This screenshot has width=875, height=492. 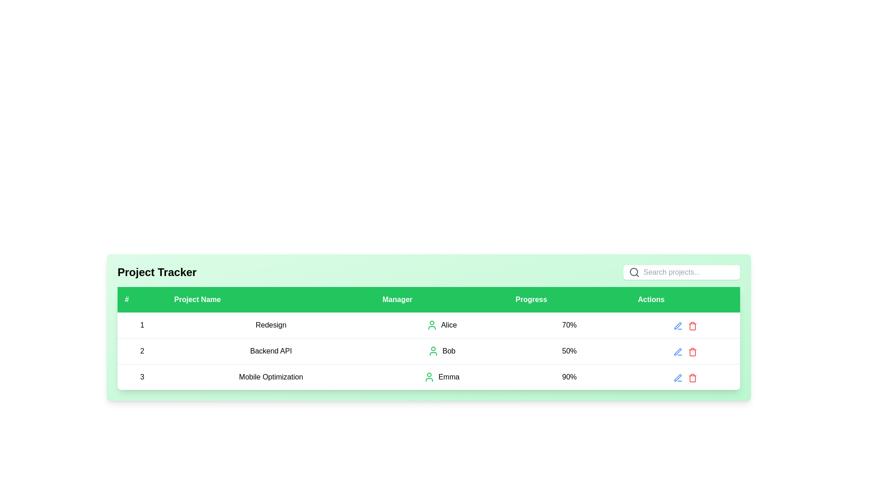 I want to click on the text display element showing '90%' located in the 'Progress' column of the 'Mobile Optimization' row in the project details table, so click(x=569, y=377).